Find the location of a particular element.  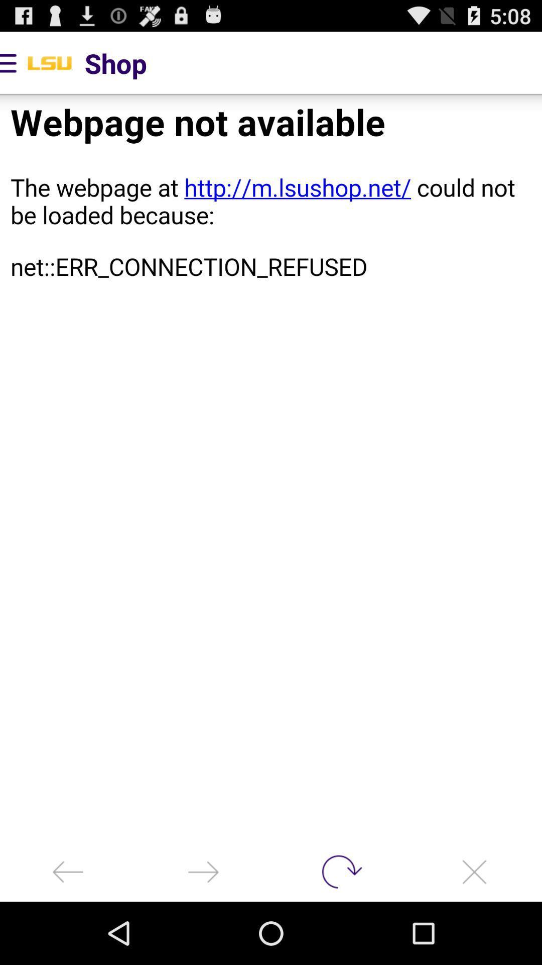

reload page is located at coordinates (339, 871).